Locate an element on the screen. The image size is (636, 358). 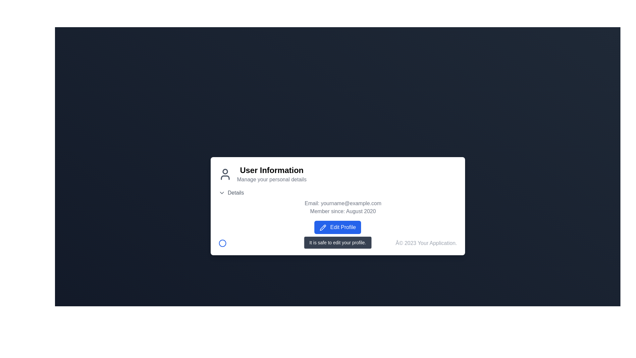
the circular icon with a blue outline is located at coordinates (222, 243).